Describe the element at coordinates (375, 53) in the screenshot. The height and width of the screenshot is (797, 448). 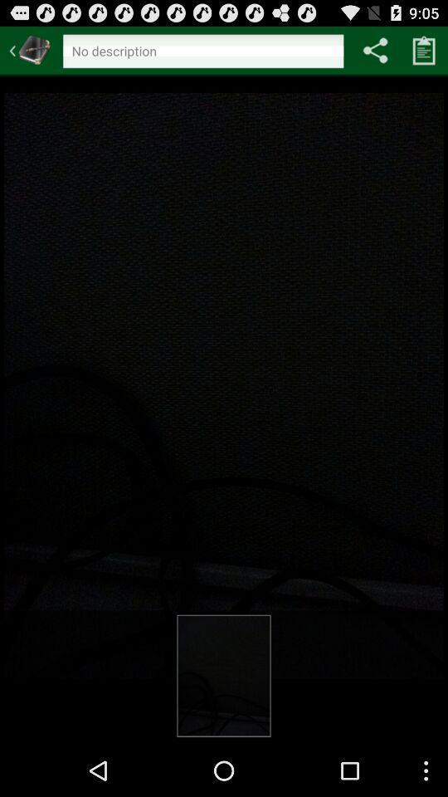
I see `the share icon` at that location.